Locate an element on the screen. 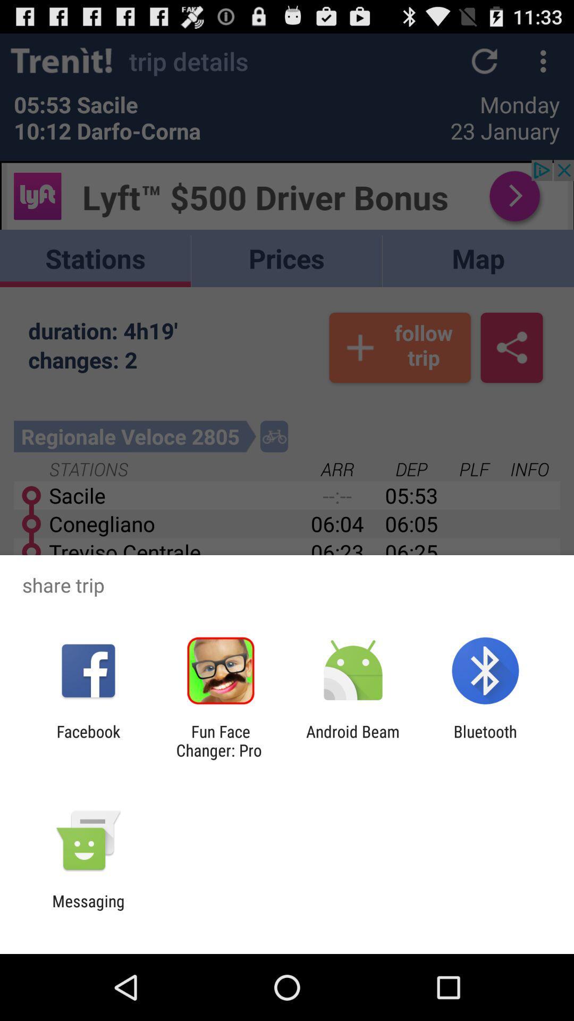 The height and width of the screenshot is (1021, 574). item next to android beam app is located at coordinates (220, 740).